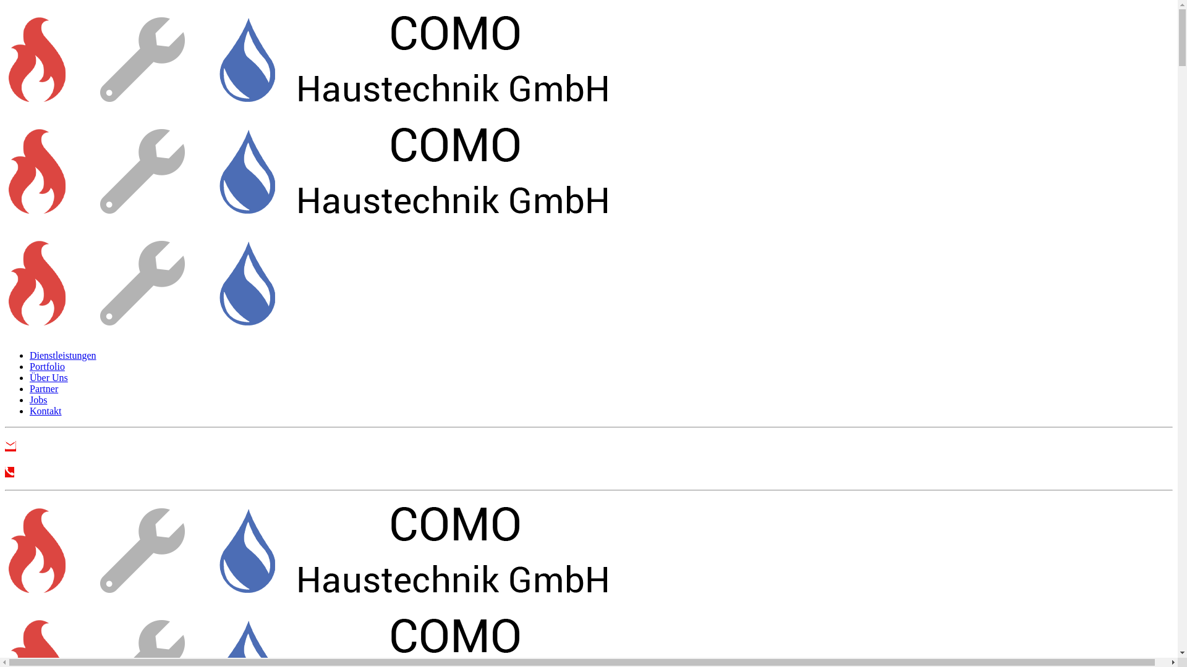 Image resolution: width=1187 pixels, height=667 pixels. What do you see at coordinates (30, 388) in the screenshot?
I see `'Partner'` at bounding box center [30, 388].